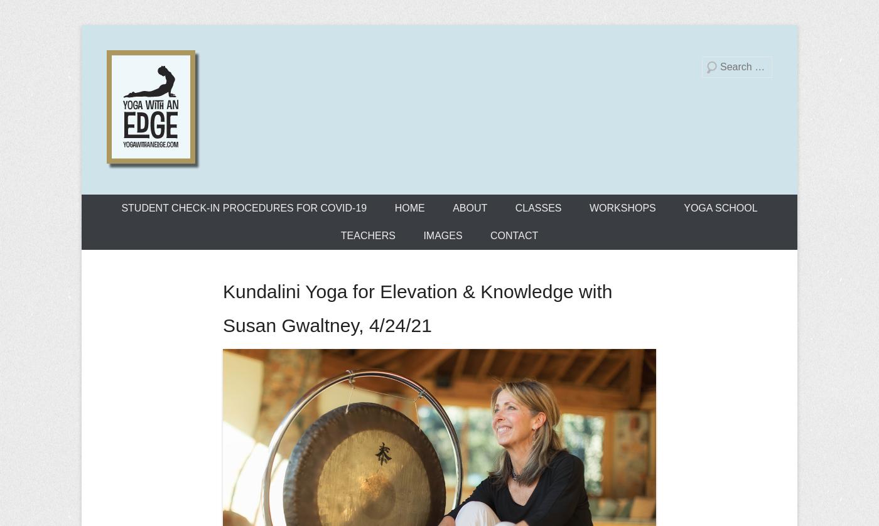 Image resolution: width=879 pixels, height=526 pixels. I want to click on 'Home', so click(394, 207).